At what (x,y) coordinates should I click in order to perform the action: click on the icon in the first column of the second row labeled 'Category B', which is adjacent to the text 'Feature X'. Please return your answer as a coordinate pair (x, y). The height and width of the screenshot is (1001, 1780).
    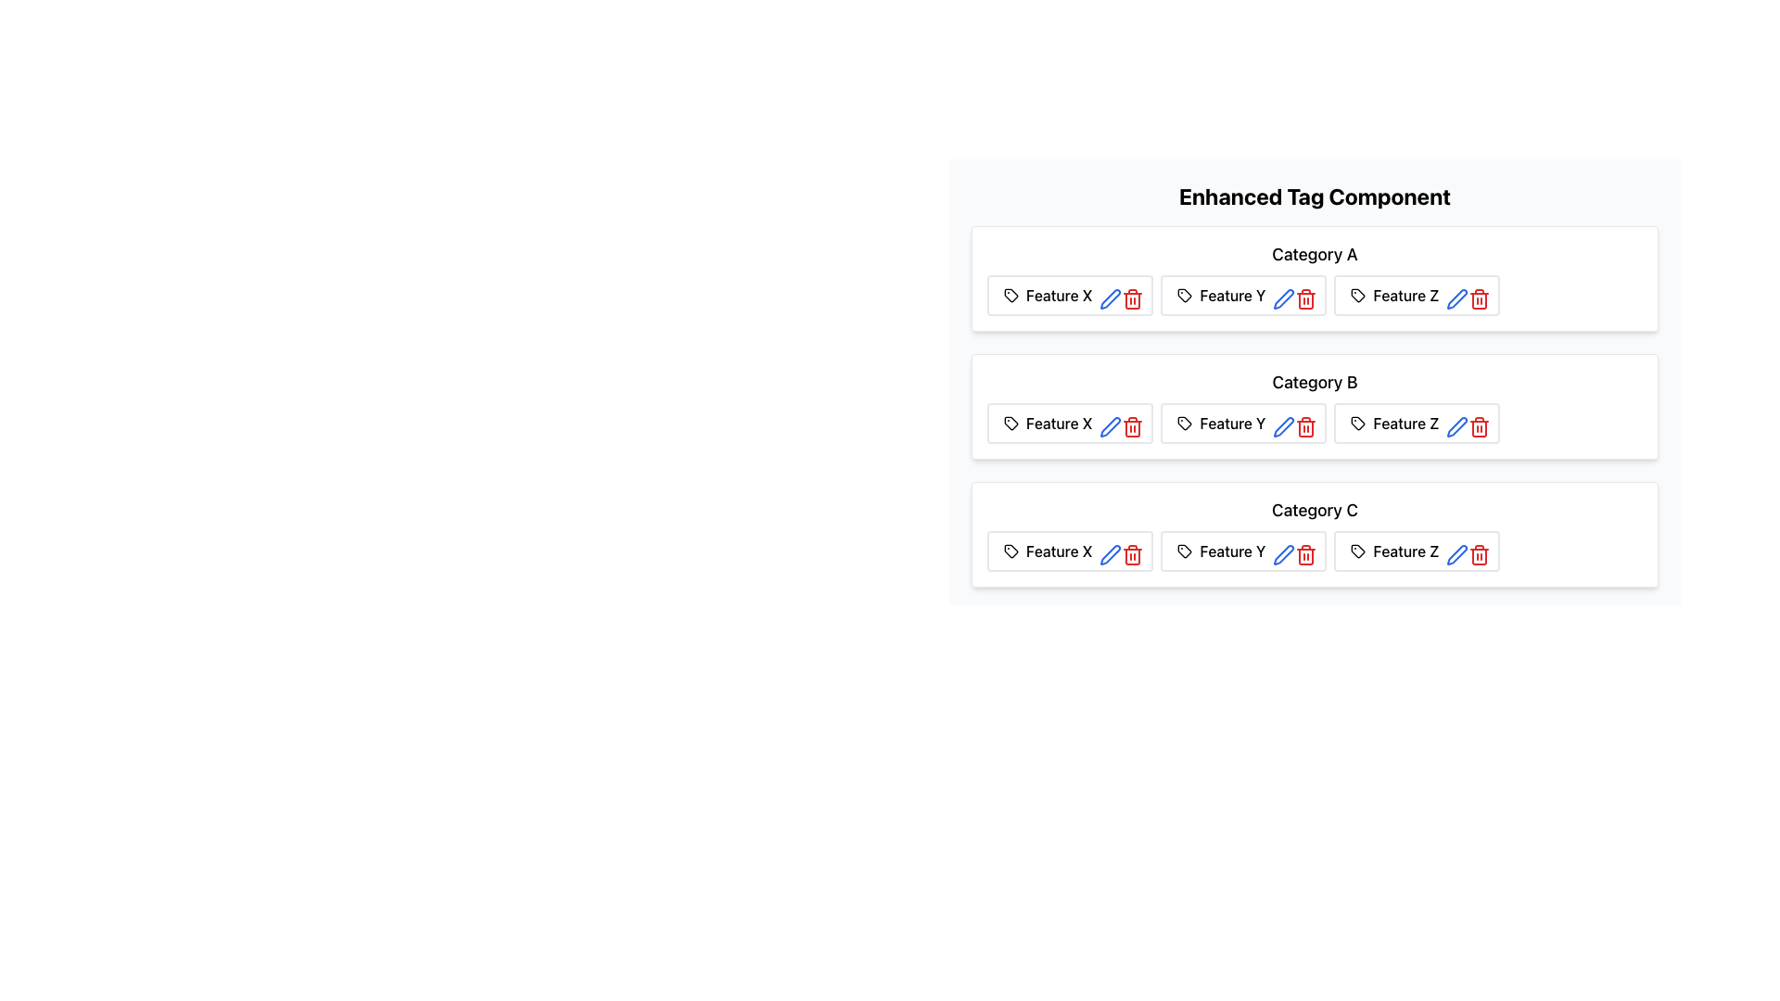
    Looking at the image, I should click on (1010, 423).